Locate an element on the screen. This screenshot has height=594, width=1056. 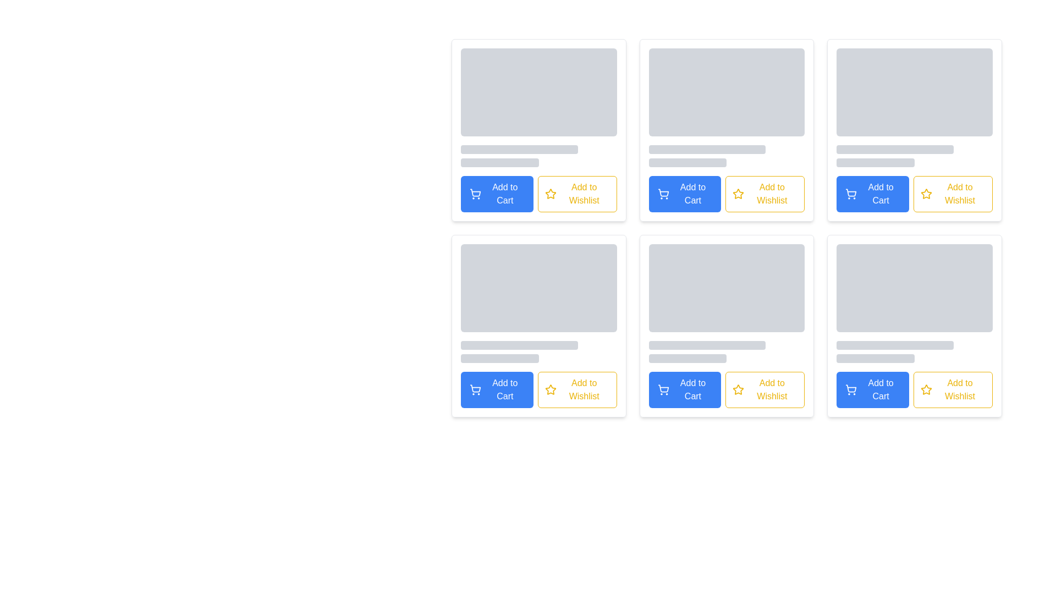
the 'Add to Wishlist' button, which is the yellow-bordered button with a star icon located in the button group beneath the product description is located at coordinates (538, 389).